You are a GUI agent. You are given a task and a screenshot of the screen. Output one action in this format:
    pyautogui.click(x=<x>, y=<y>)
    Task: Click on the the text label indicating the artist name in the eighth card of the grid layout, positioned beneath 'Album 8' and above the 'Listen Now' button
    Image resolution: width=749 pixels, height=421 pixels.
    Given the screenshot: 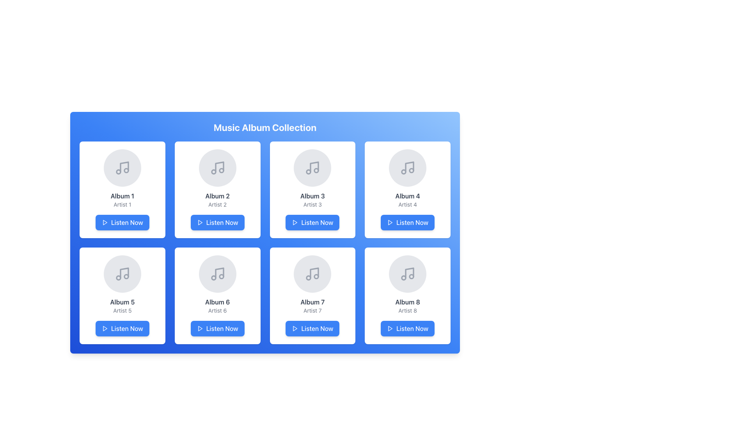 What is the action you would take?
    pyautogui.click(x=407, y=310)
    